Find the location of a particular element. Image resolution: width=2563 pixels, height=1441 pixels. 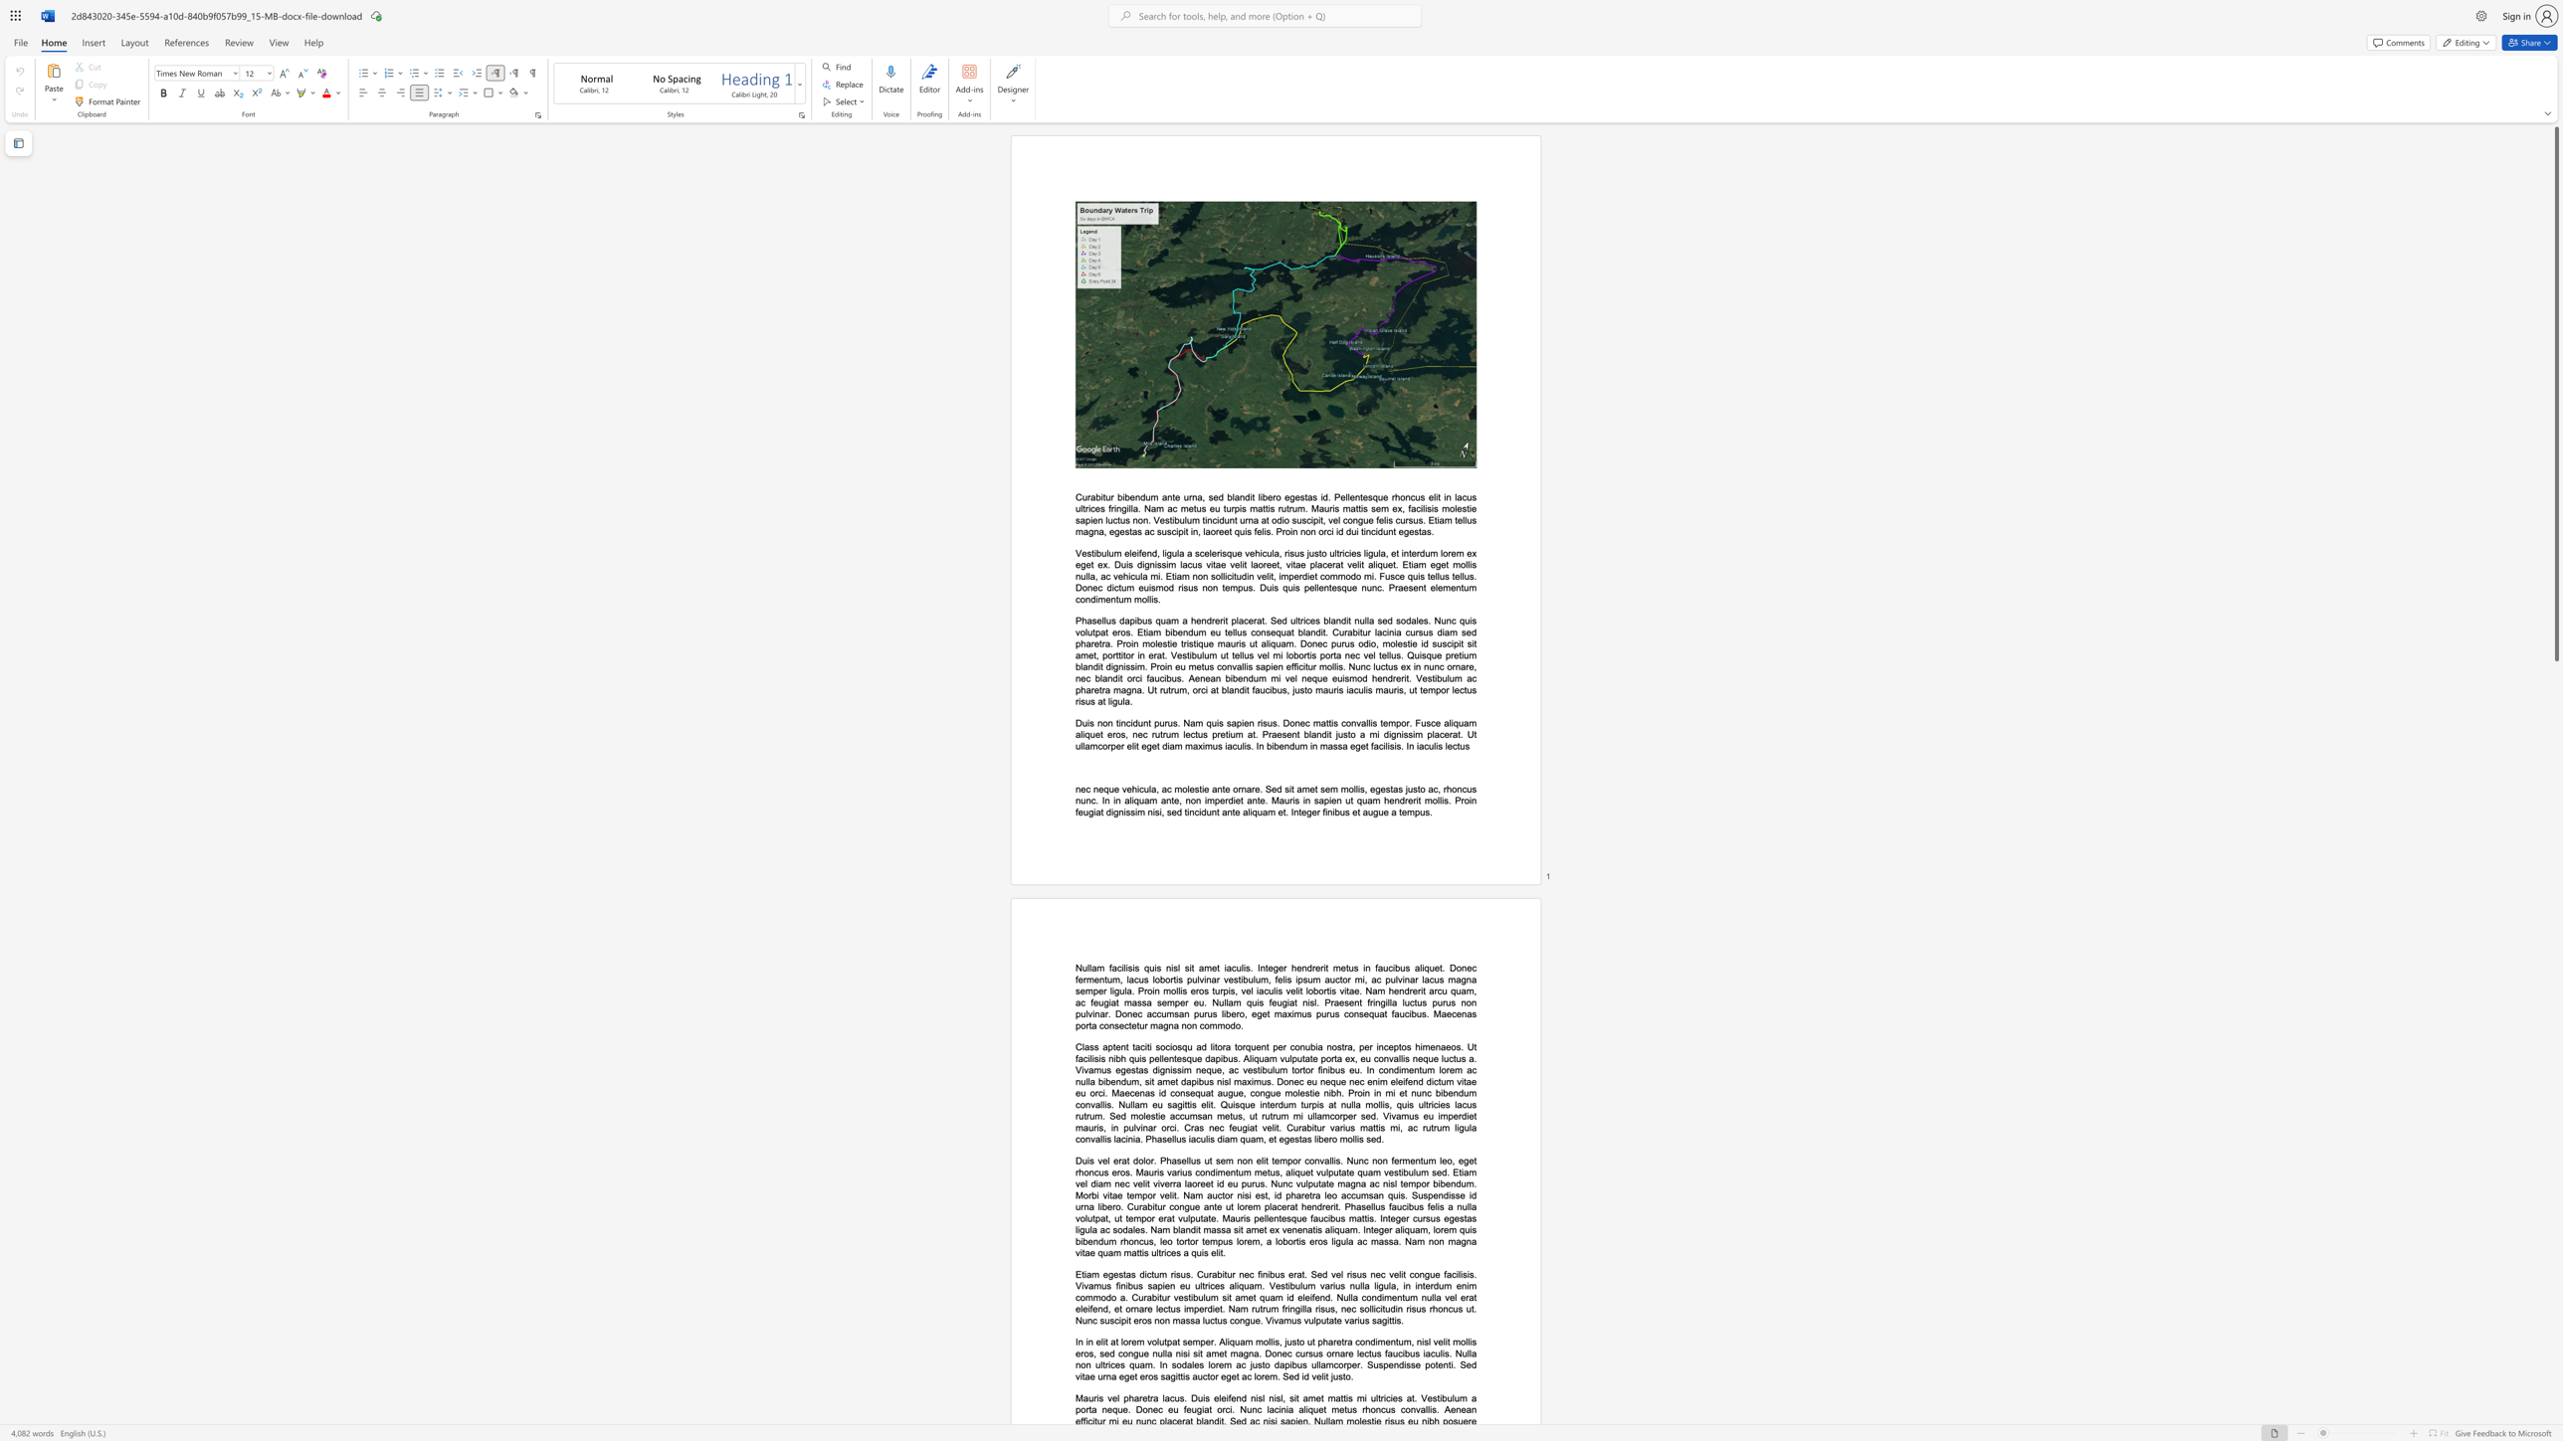

the subset text "us rutrum. Sed molestie accumsan metus, ut rutrum mi ullamcorper sed. Vivamus eu imperdiet mauris, in pulvinar orci. Cras nec feugiat velit" within the text "Class aptent taciti sociosqu ad litora torquent per conubia nostra, per inceptos himenaeos. Ut facilisis nibh quis pellentesque dapibus. Aliquam vulputate porta ex, eu convallis neque luctus a. Vivamus egestas dignissim neque, ac vestibulum tortor finibus eu. In condimentum lorem ac nulla bibendum, sit amet dapibus nisl maximus. Donec eu neque nec enim eleifend dictum vitae eu orci. Maecenas id consequat augue, congue molestie nibh. Proin in mi et nunc bibendum convallis. Nullam eu sagittis elit. Quisque interdum turpis at nulla mollis, quis ultricies lacus rutrum. Sed molestie accumsan metus, ut rutrum mi ullamcorper sed. Vivamus eu imperdiet mauris, in pulvinar orci. Cras nec feugiat velit. Curabitur varius mattis mi, ac rutrum ligula convallis lacinia. Phasellus iaculis diam quam, et egestas libero mollis sed." is located at coordinates (1466, 1104).